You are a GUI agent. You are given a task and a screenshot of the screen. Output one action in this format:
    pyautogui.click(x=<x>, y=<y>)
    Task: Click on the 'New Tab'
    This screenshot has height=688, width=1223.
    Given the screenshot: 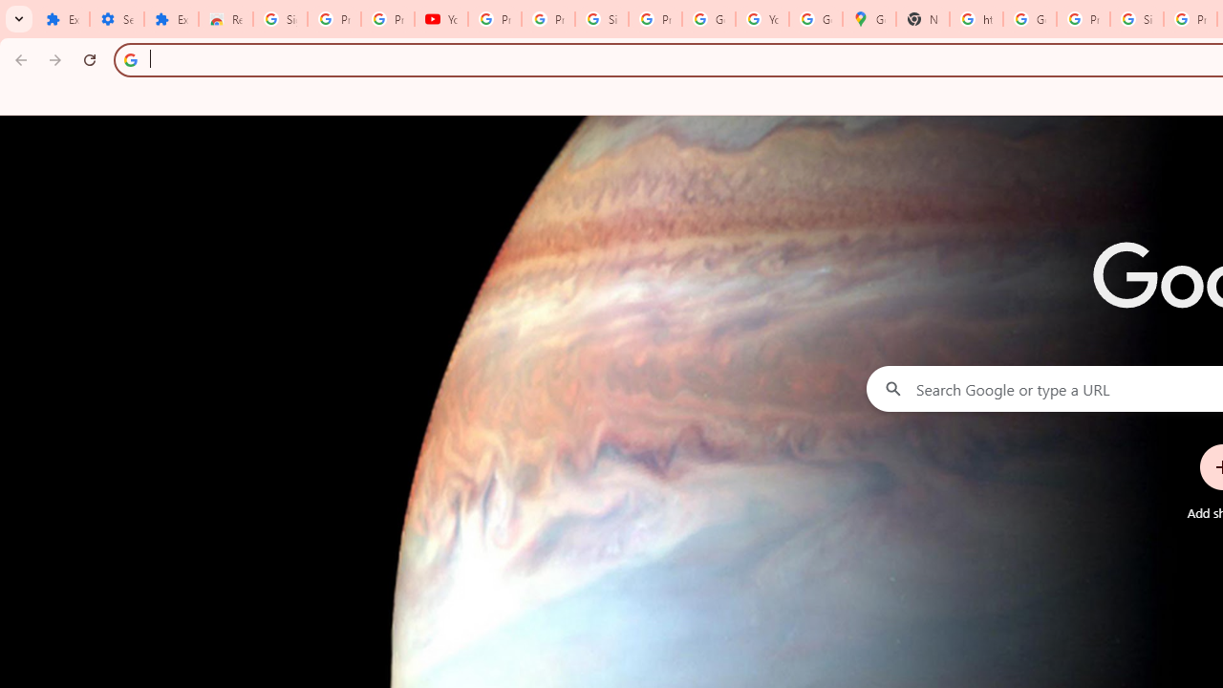 What is the action you would take?
    pyautogui.click(x=923, y=19)
    